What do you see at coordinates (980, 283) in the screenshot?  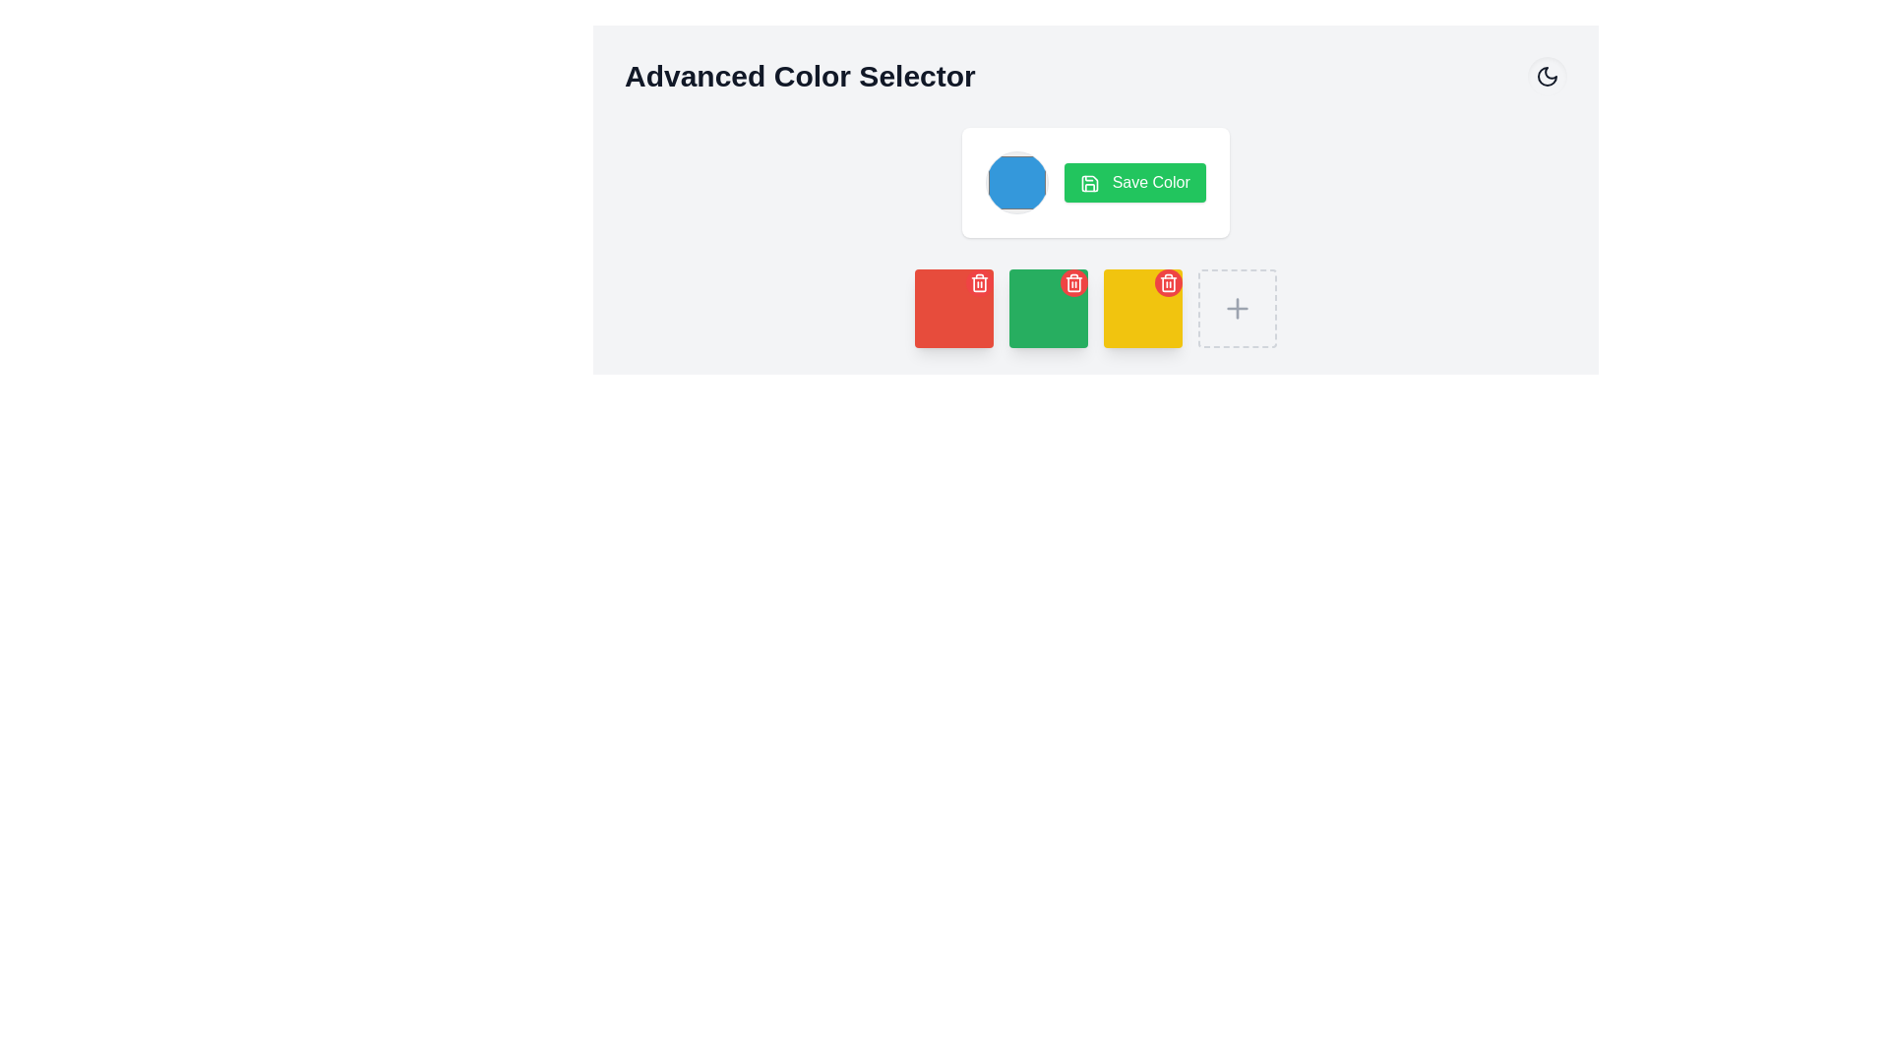 I see `the delete button located at the top-right corner of the red square` at bounding box center [980, 283].